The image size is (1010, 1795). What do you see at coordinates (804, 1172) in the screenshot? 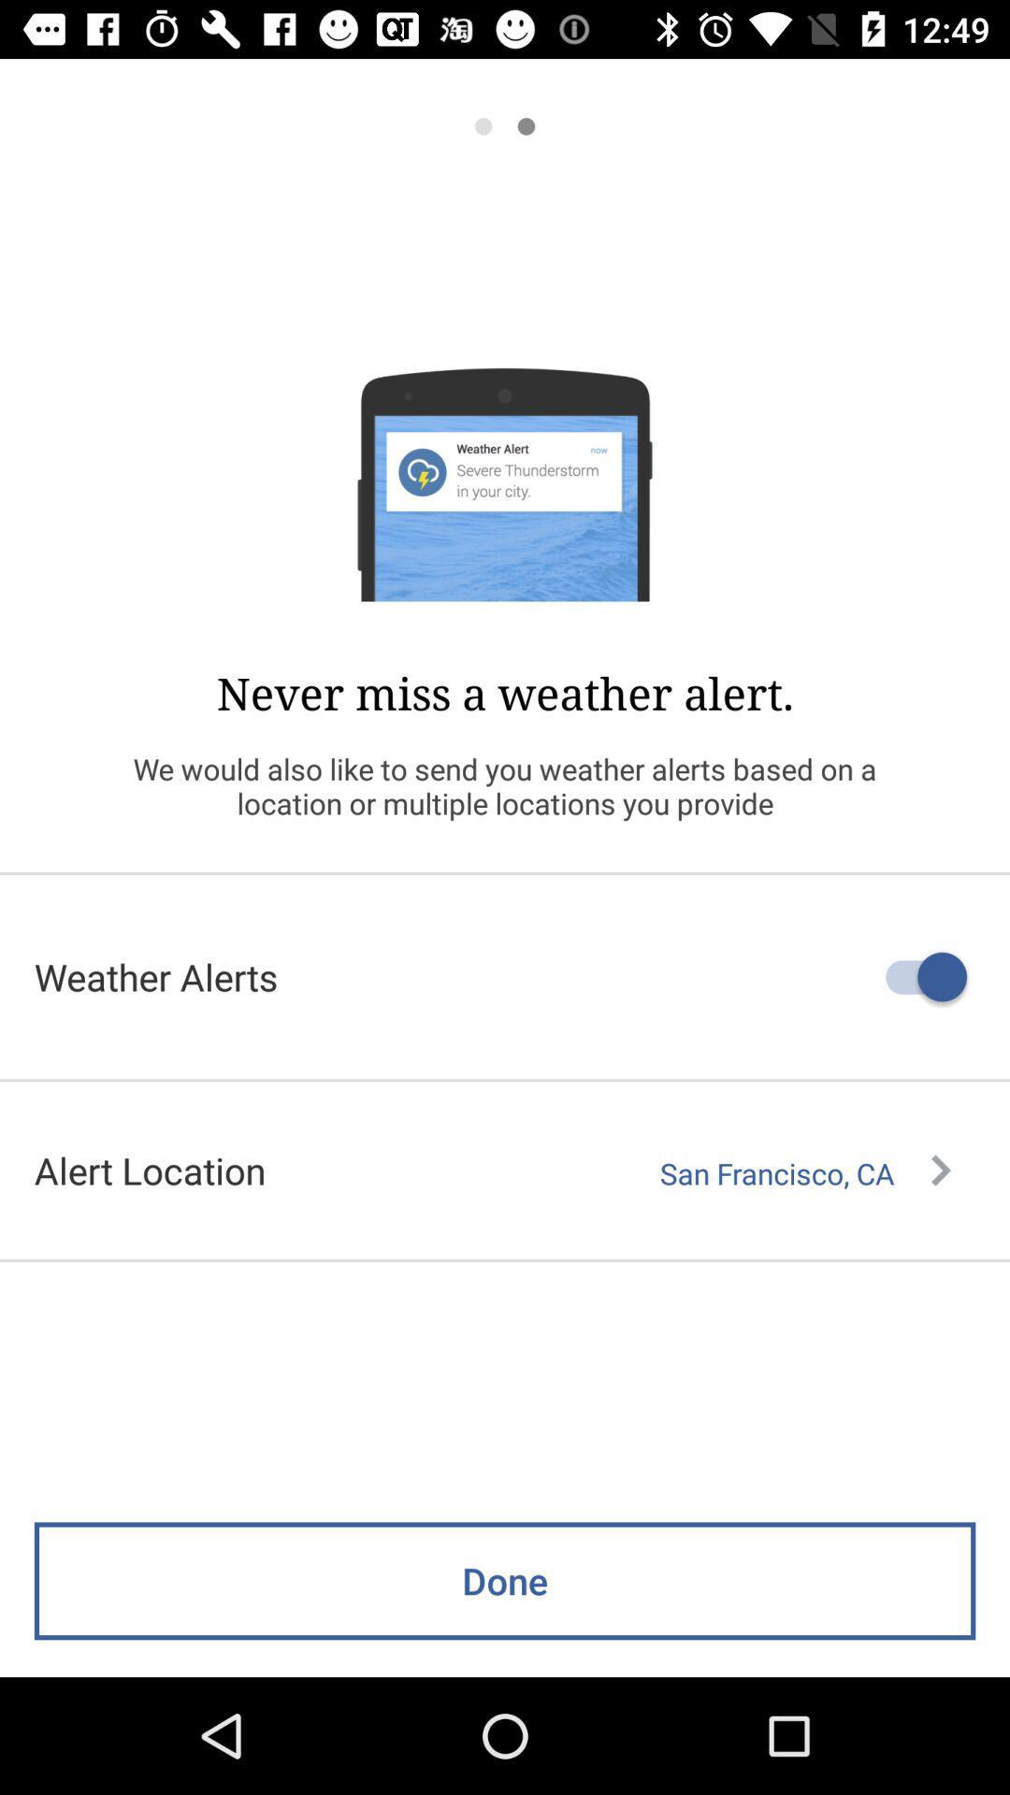
I see `san francisco, ca` at bounding box center [804, 1172].